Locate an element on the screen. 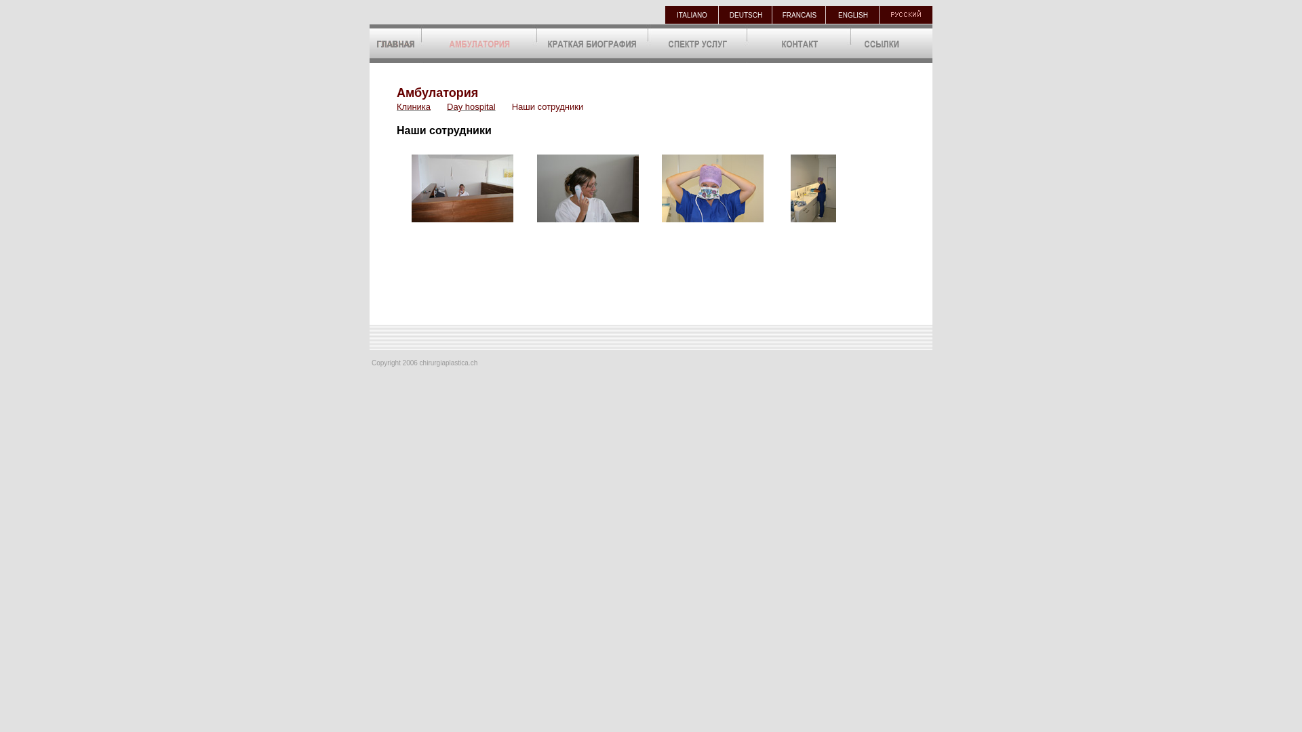  'Day hospital' is located at coordinates (471, 105).